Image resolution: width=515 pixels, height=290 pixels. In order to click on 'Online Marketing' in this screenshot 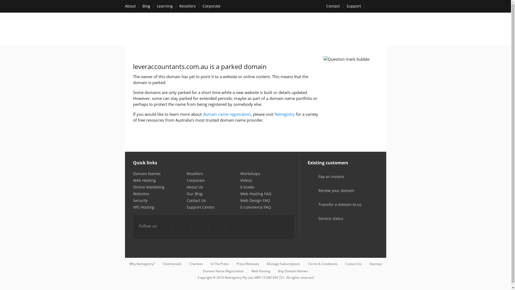, I will do `click(149, 187)`.